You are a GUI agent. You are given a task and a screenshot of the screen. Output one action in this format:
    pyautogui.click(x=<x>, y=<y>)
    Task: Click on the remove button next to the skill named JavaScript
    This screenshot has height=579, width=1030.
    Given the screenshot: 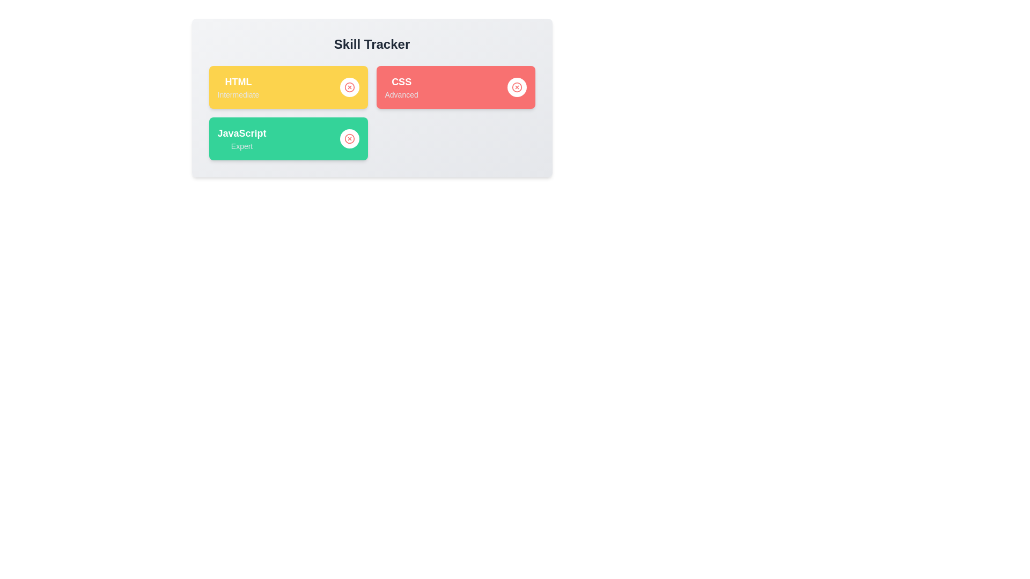 What is the action you would take?
    pyautogui.click(x=349, y=138)
    